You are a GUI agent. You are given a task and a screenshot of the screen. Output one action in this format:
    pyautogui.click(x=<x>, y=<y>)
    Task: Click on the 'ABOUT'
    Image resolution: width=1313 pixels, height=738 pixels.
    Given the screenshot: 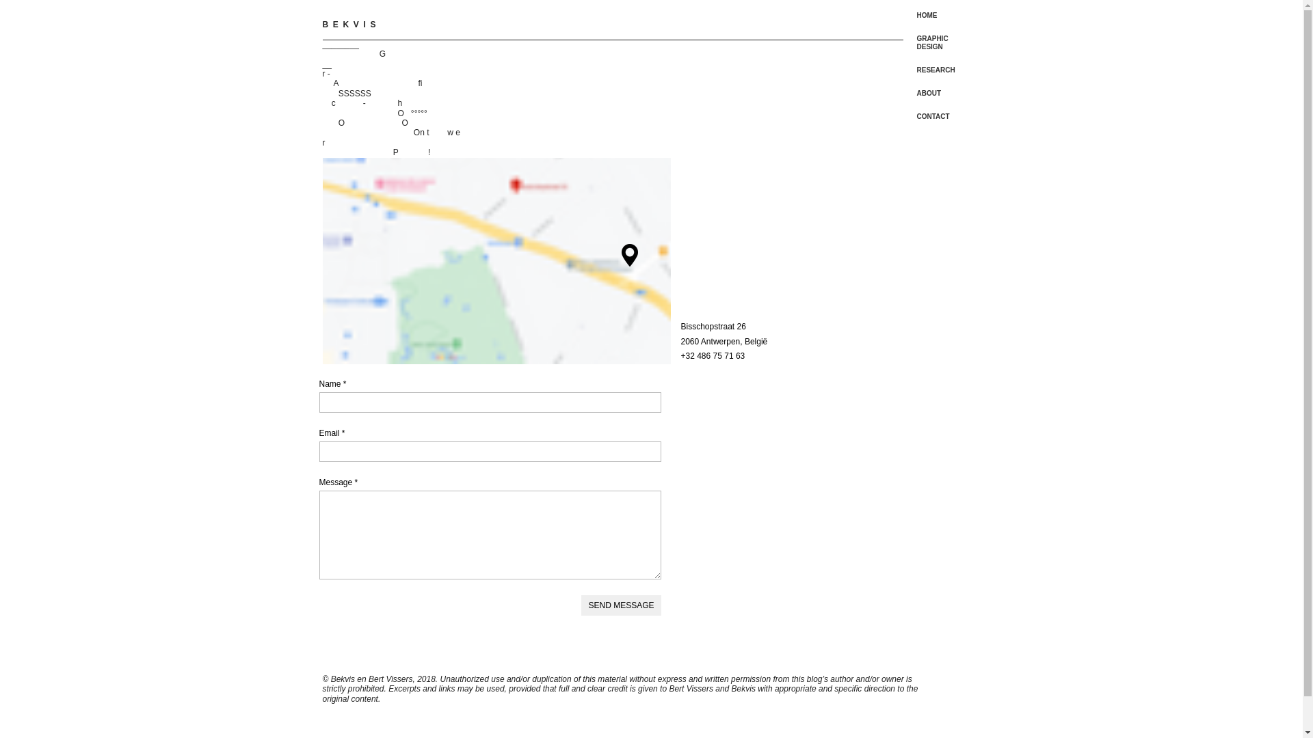 What is the action you would take?
    pyautogui.click(x=903, y=93)
    